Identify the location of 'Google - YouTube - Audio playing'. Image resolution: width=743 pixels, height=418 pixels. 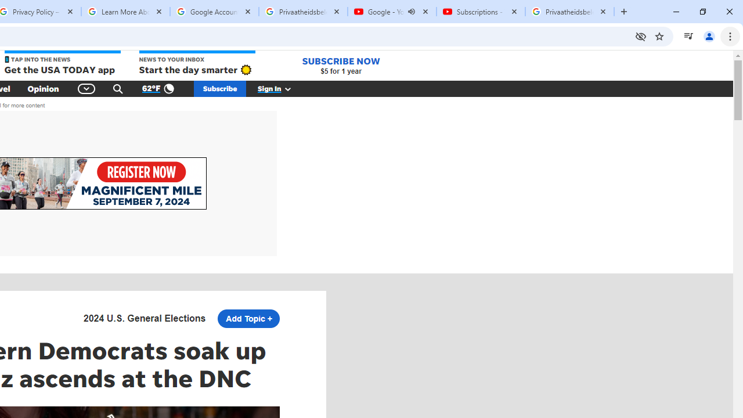
(392, 12).